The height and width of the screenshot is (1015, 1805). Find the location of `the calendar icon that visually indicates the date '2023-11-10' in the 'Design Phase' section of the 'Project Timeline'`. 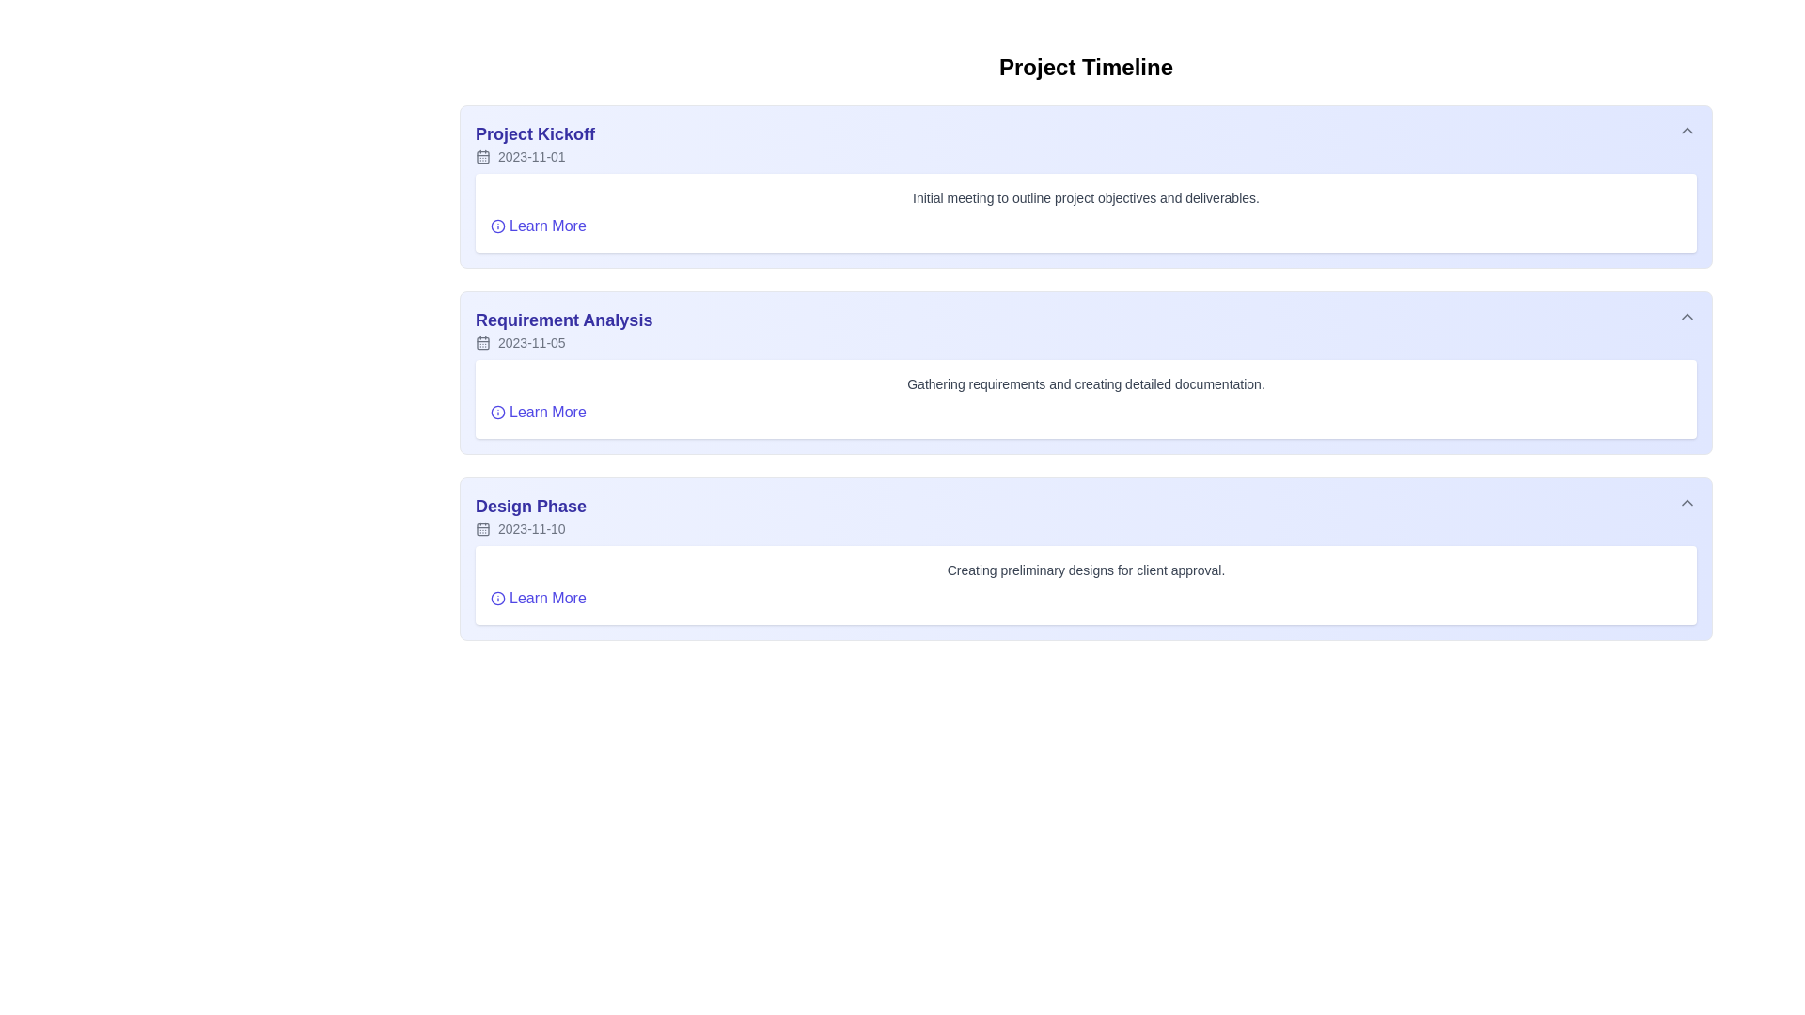

the calendar icon that visually indicates the date '2023-11-10' in the 'Design Phase' section of the 'Project Timeline' is located at coordinates (482, 529).